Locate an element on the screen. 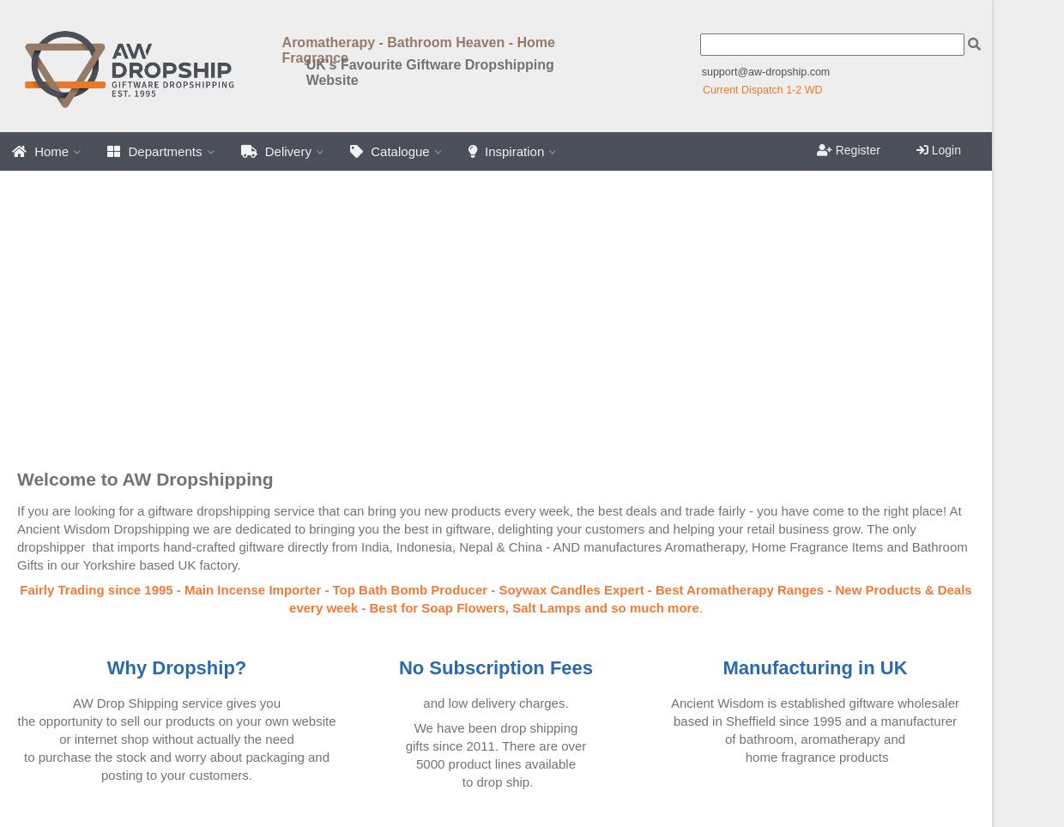 The height and width of the screenshot is (827, 1064). 'and low delivery charges.' is located at coordinates (495, 702).